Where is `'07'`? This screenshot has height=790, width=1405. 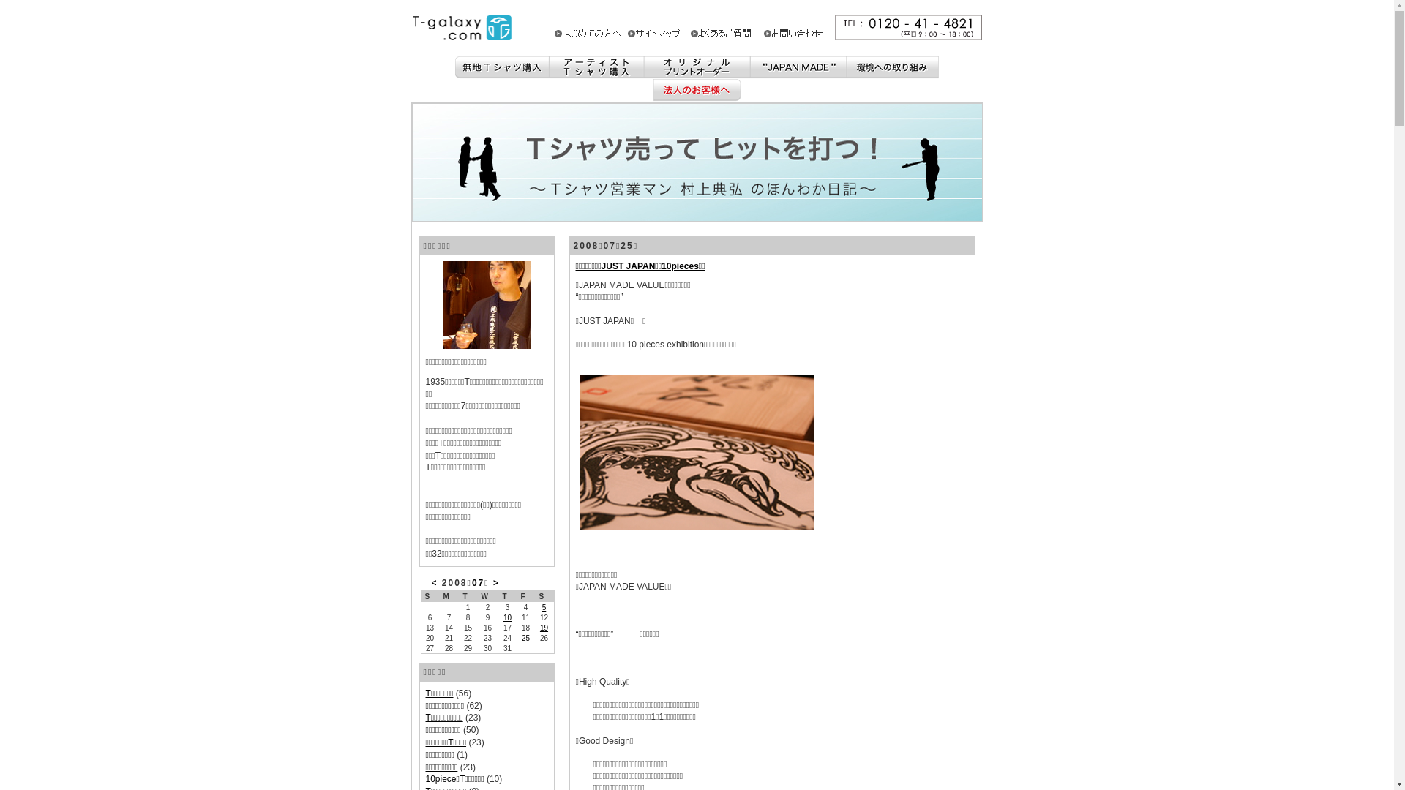
'07' is located at coordinates (478, 582).